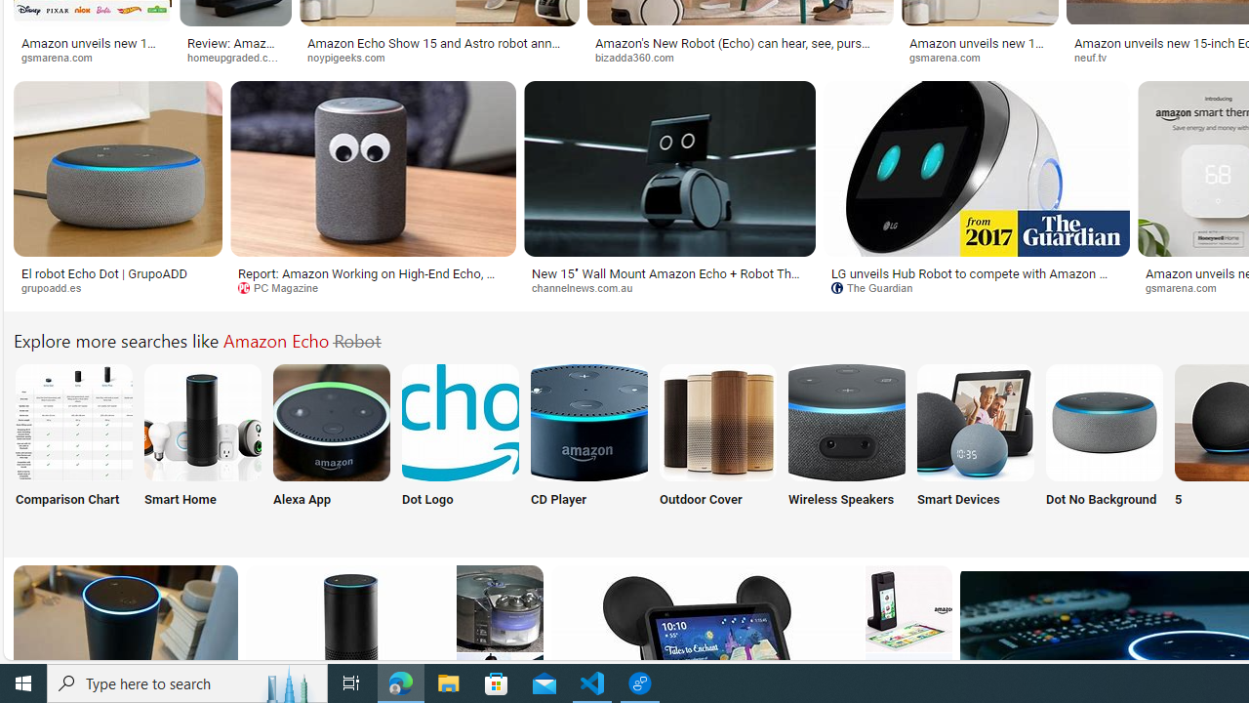 The height and width of the screenshot is (703, 1249). What do you see at coordinates (975, 421) in the screenshot?
I see `'Amazon Echo Smart Devices'` at bounding box center [975, 421].